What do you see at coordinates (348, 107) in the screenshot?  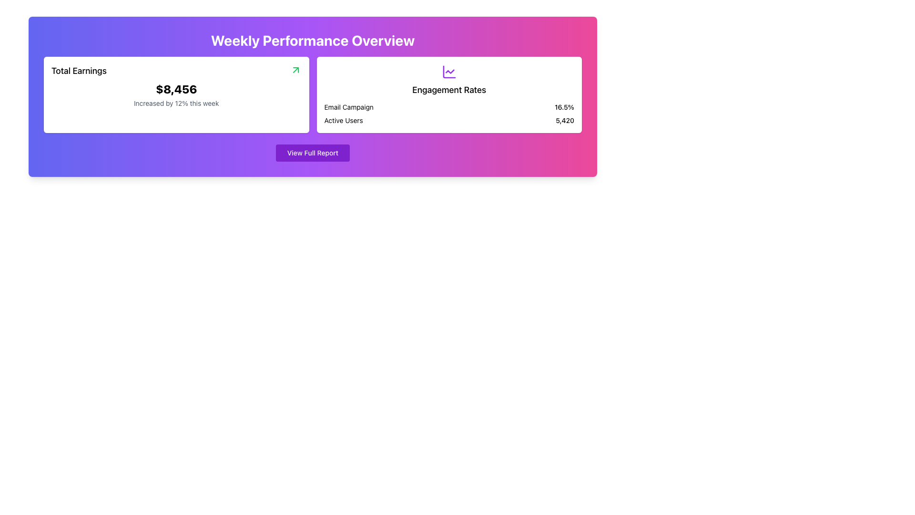 I see `the Text Label that indicates the associated data for email campaigns, located in the 'Engagement Rates' section on the right panel, positioned left of the percentage value '16.5%.'` at bounding box center [348, 107].